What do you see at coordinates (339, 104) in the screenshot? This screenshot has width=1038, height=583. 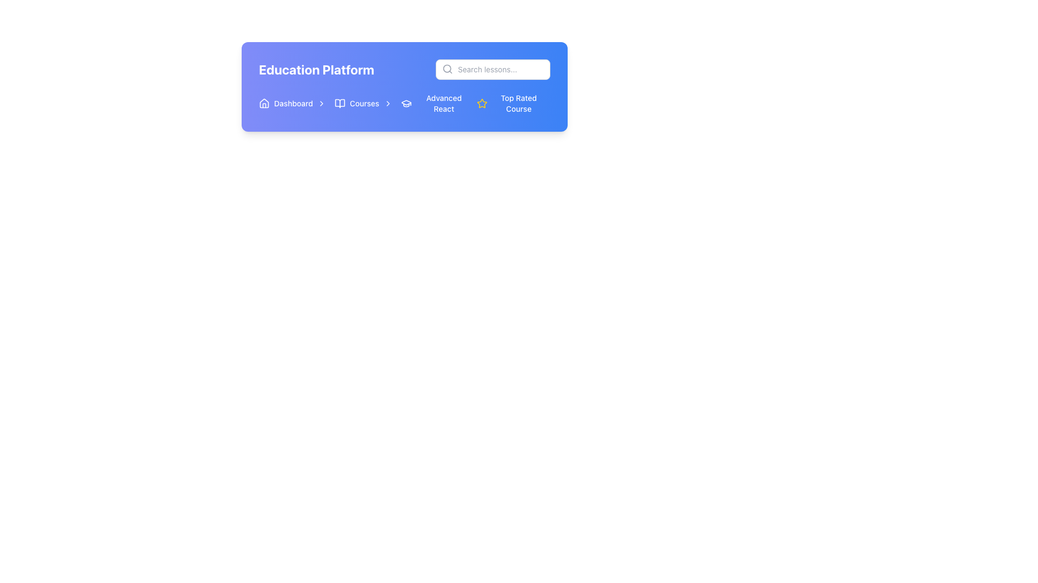 I see `the open book icon located to the left of the 'Courses' label in the breadcrumb navigation bar` at bounding box center [339, 104].